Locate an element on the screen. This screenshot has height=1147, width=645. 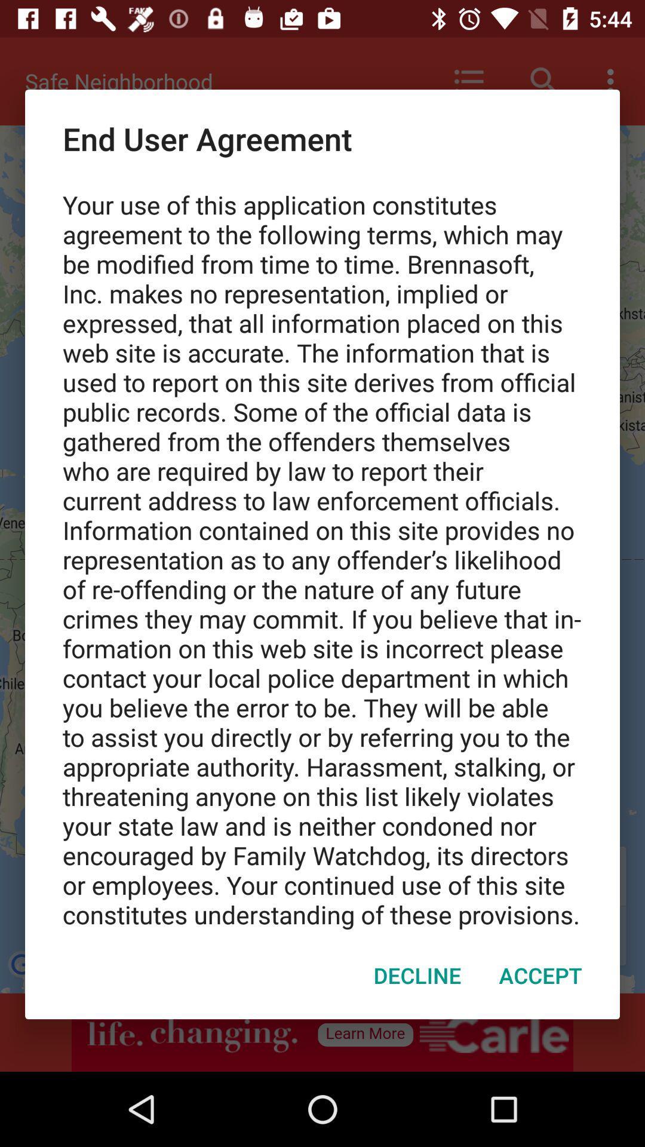
accept is located at coordinates (540, 975).